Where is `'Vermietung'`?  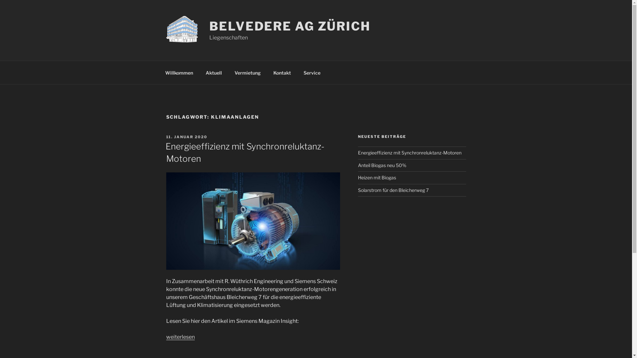 'Vermietung' is located at coordinates (248, 72).